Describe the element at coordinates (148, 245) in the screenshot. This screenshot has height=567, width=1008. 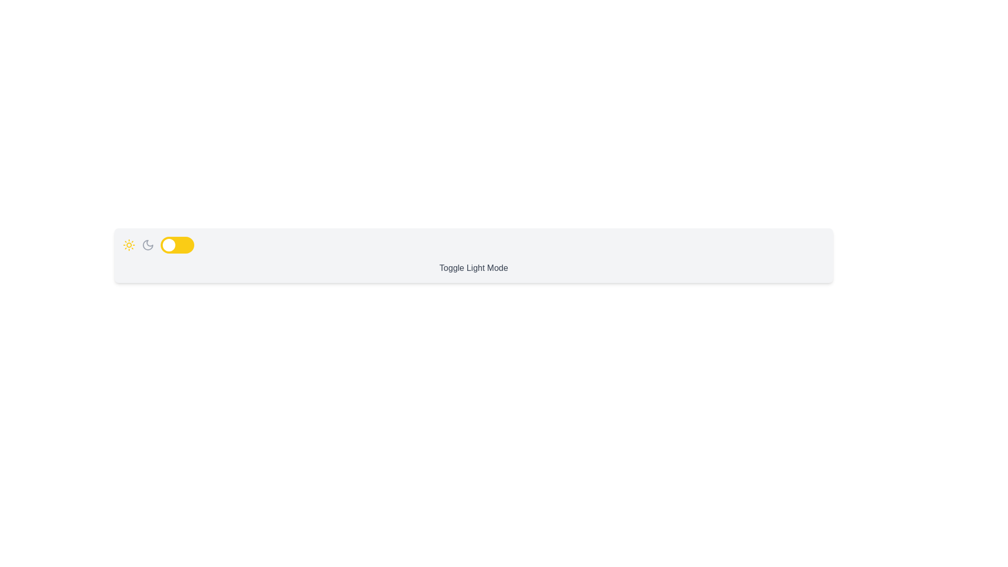
I see `the crescent moon icon element, which is gray and styled in a minimalistic design, positioned between the sun icon and a toggle switch in the light/dark mode toggle section` at that location.